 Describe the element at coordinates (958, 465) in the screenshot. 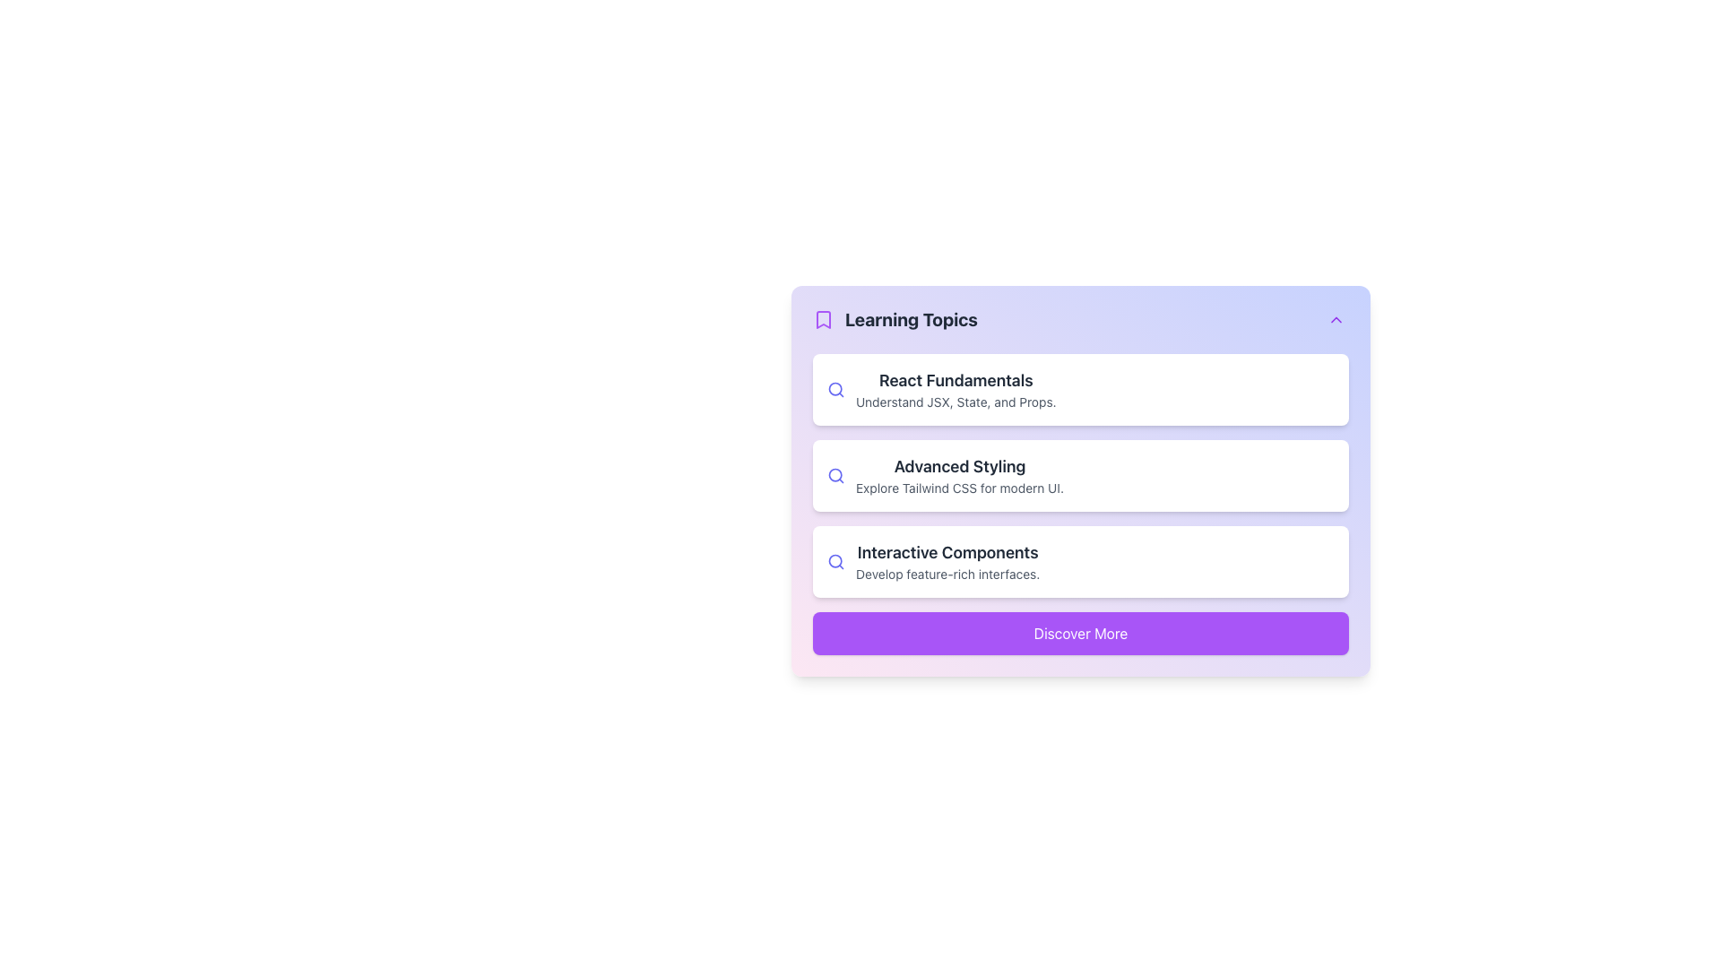

I see `the 'Advanced Styling' text label, which is a bold black label in a larger font size, located in the upper part of the second card in a vertical list` at that location.